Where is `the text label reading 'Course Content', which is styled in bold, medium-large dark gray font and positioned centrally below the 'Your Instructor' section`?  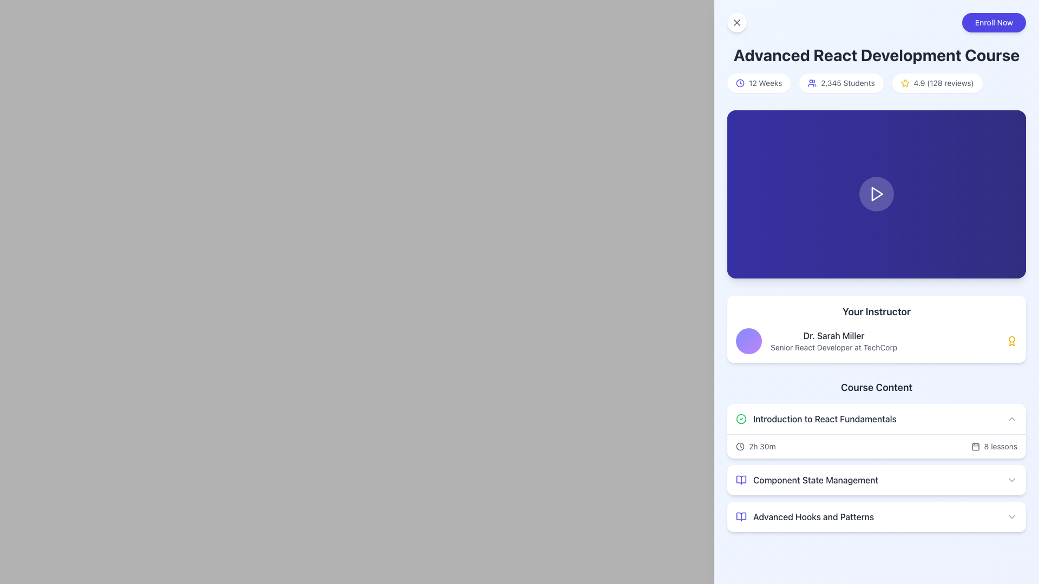 the text label reading 'Course Content', which is styled in bold, medium-large dark gray font and positioned centrally below the 'Your Instructor' section is located at coordinates (877, 387).